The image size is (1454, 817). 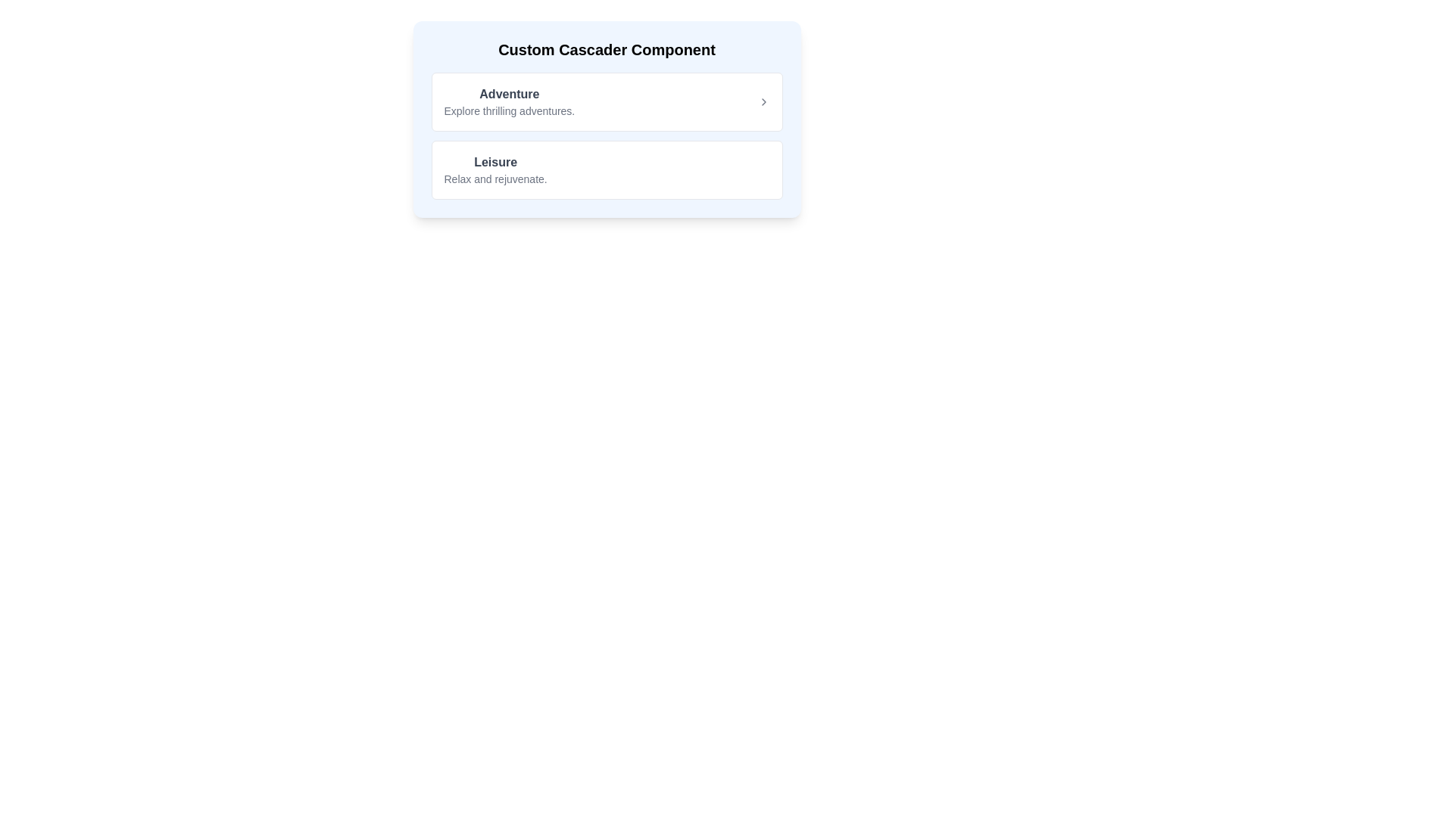 I want to click on the static text element displaying 'Explore thrilling adventures.' which is located beneath the 'Adventure' heading in the cascader menu, so click(x=509, y=110).